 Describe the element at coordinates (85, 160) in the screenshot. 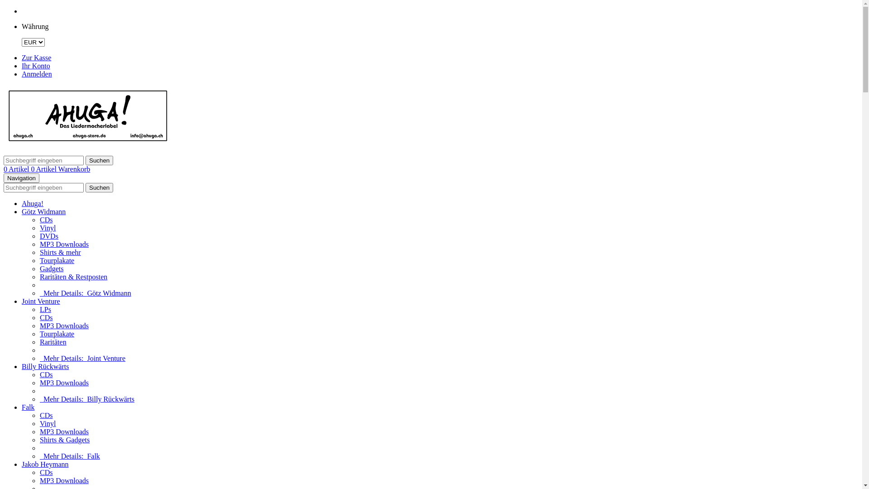

I see `'Suchen'` at that location.